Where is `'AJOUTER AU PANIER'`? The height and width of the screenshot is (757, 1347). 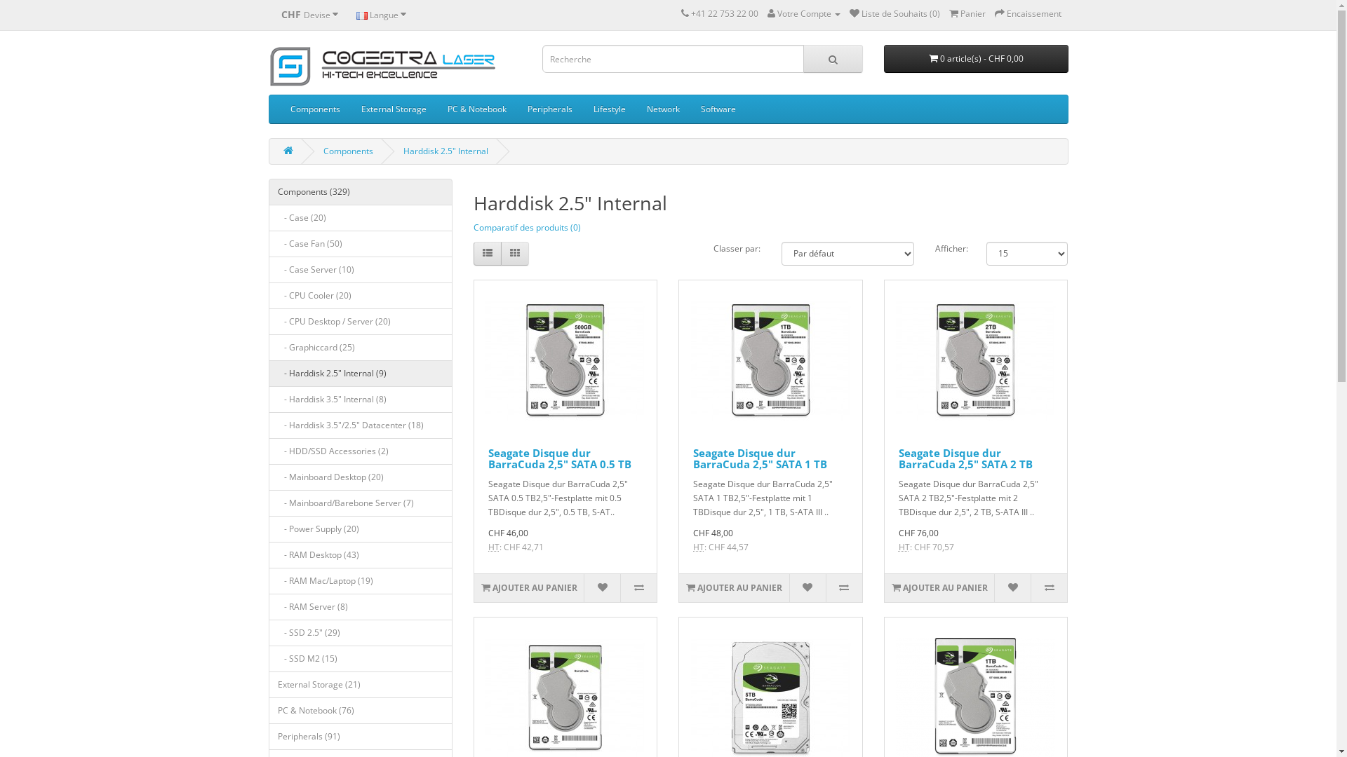
'AJOUTER AU PANIER' is located at coordinates (679, 588).